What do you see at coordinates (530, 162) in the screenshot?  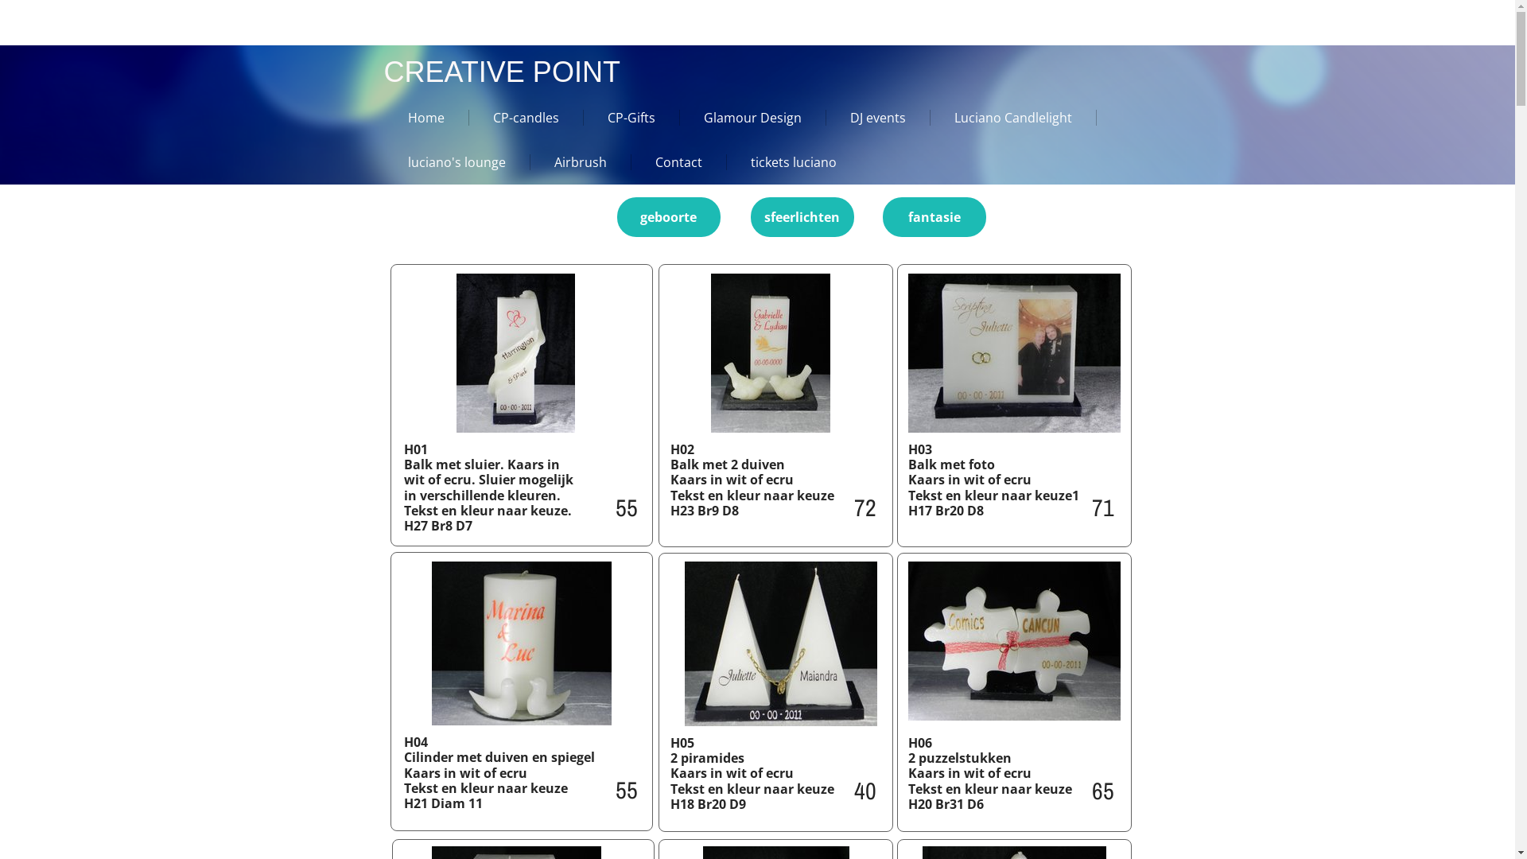 I see `'Airbrush'` at bounding box center [530, 162].